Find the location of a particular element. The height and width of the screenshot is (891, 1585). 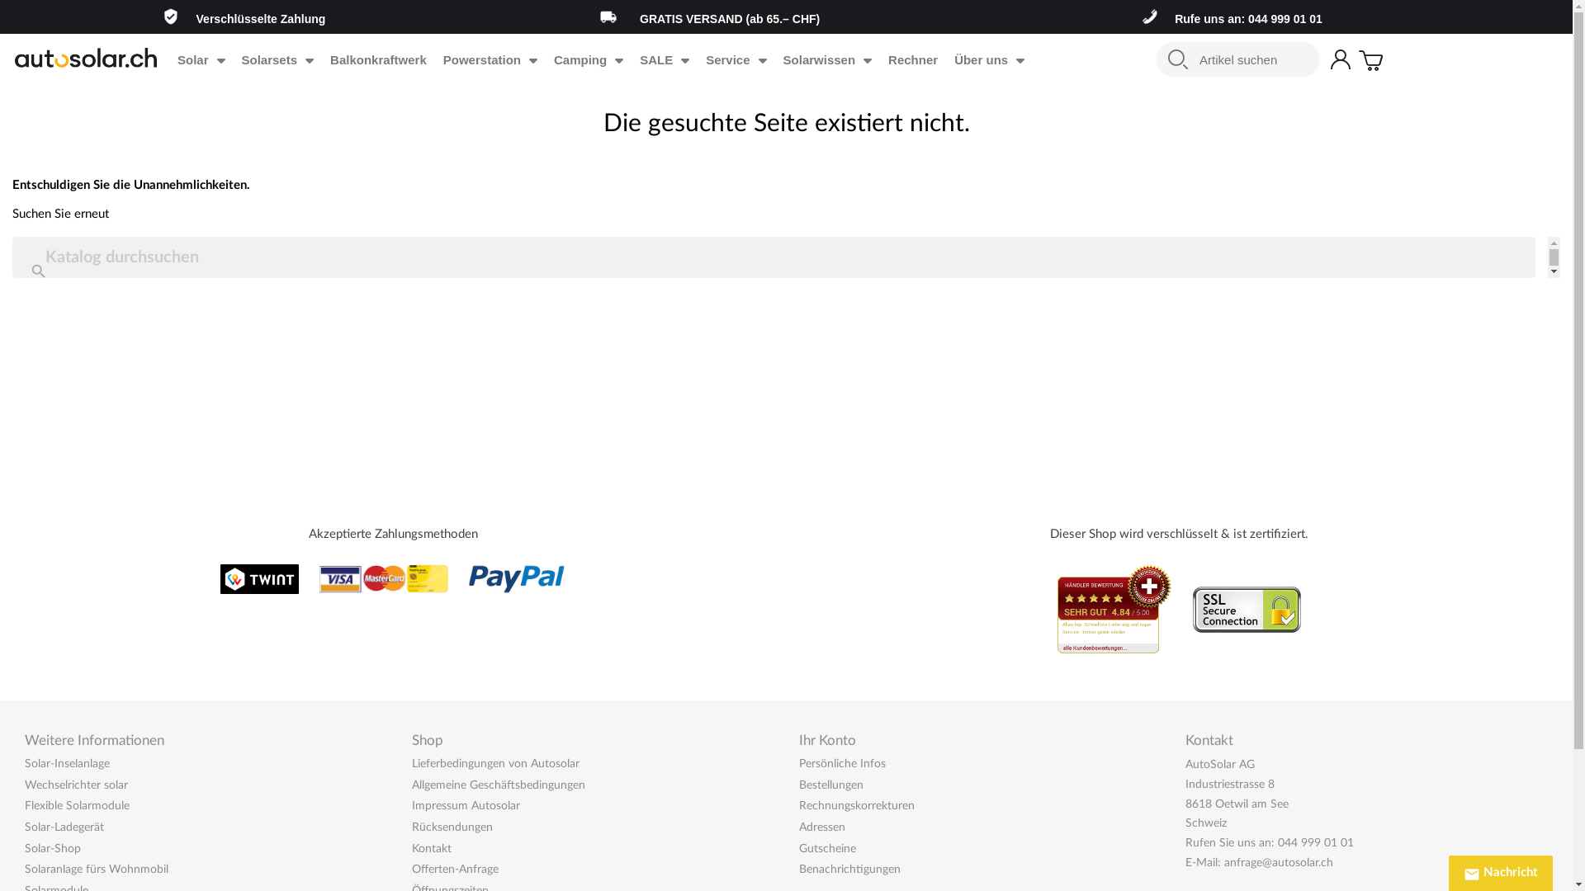

'Impressum Autosolar' is located at coordinates (465, 804).